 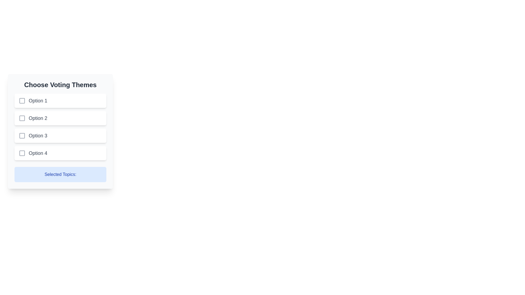 I want to click on the label element reading 'Option 4', styled in gray color with a moderately large font size, part of the selection list under 'Choose Voting Themes', so click(x=38, y=153).